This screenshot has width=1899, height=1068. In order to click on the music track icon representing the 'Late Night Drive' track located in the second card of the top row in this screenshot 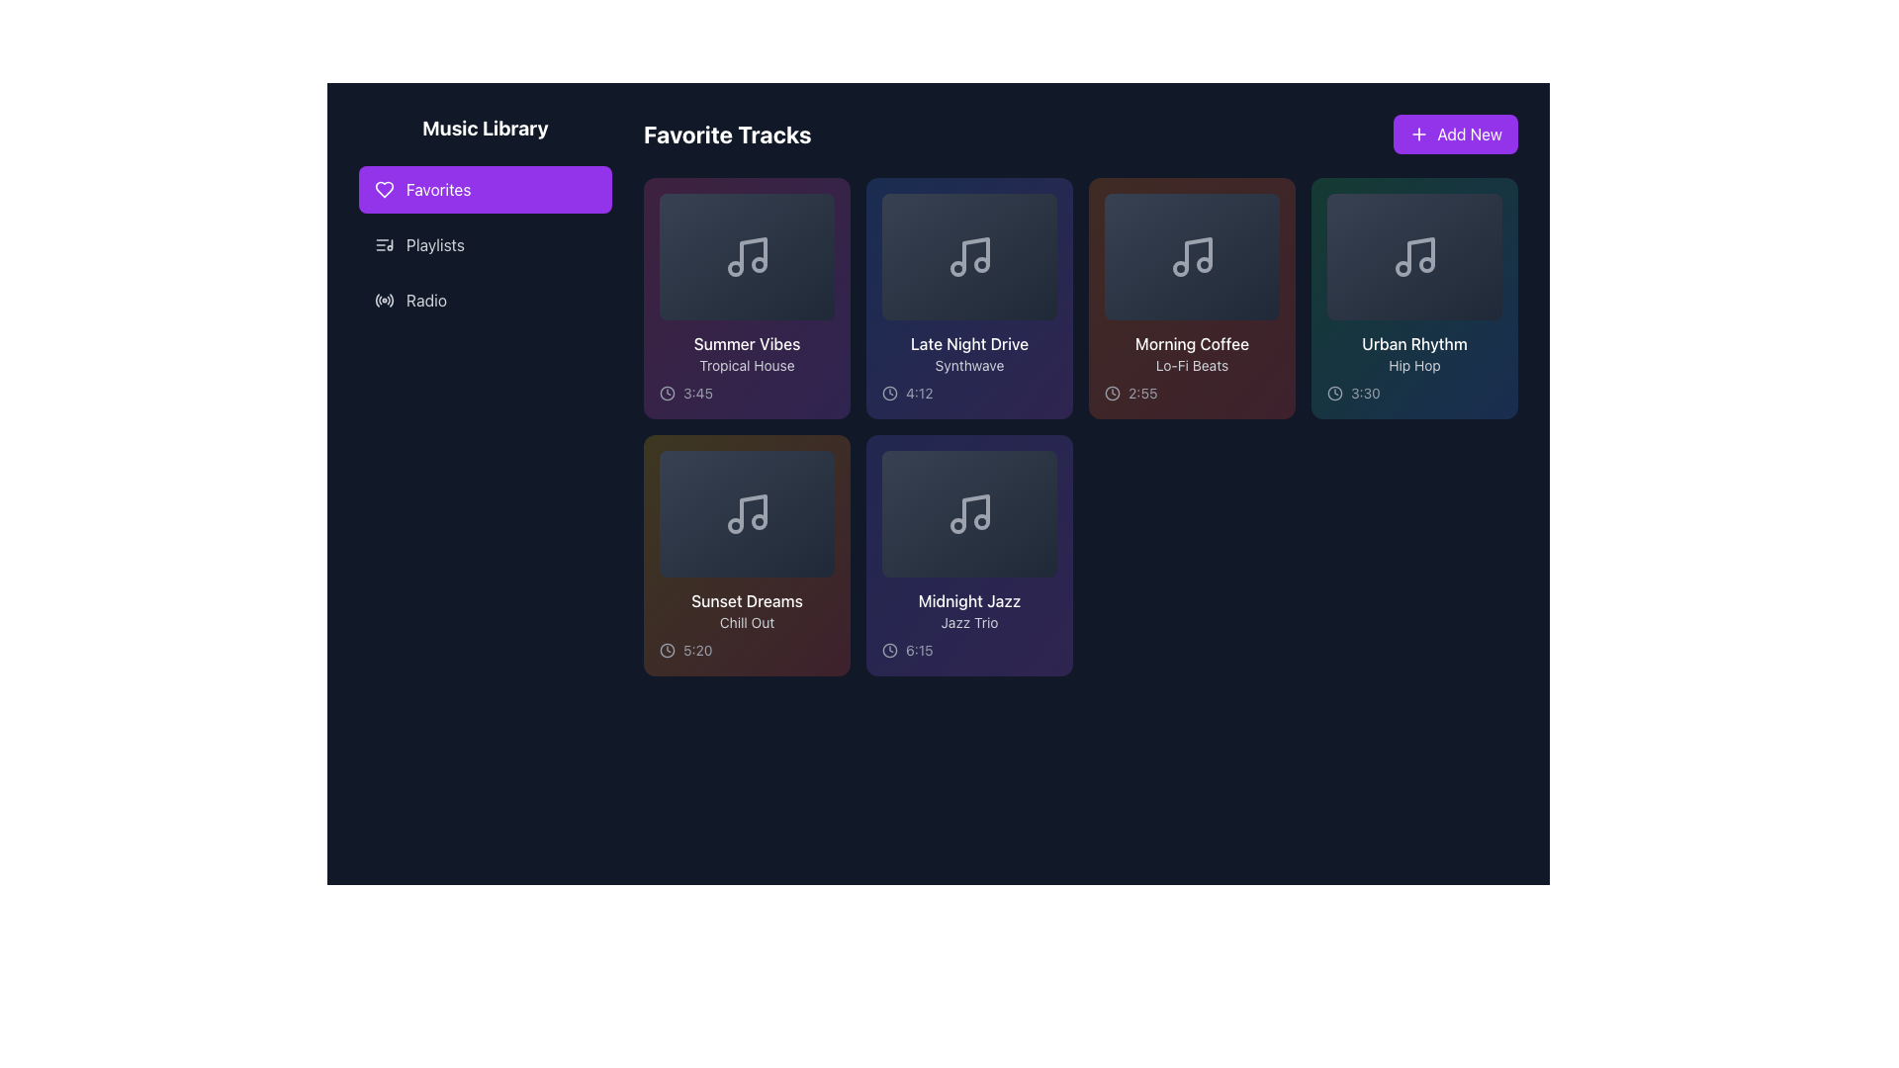, I will do `click(969, 255)`.